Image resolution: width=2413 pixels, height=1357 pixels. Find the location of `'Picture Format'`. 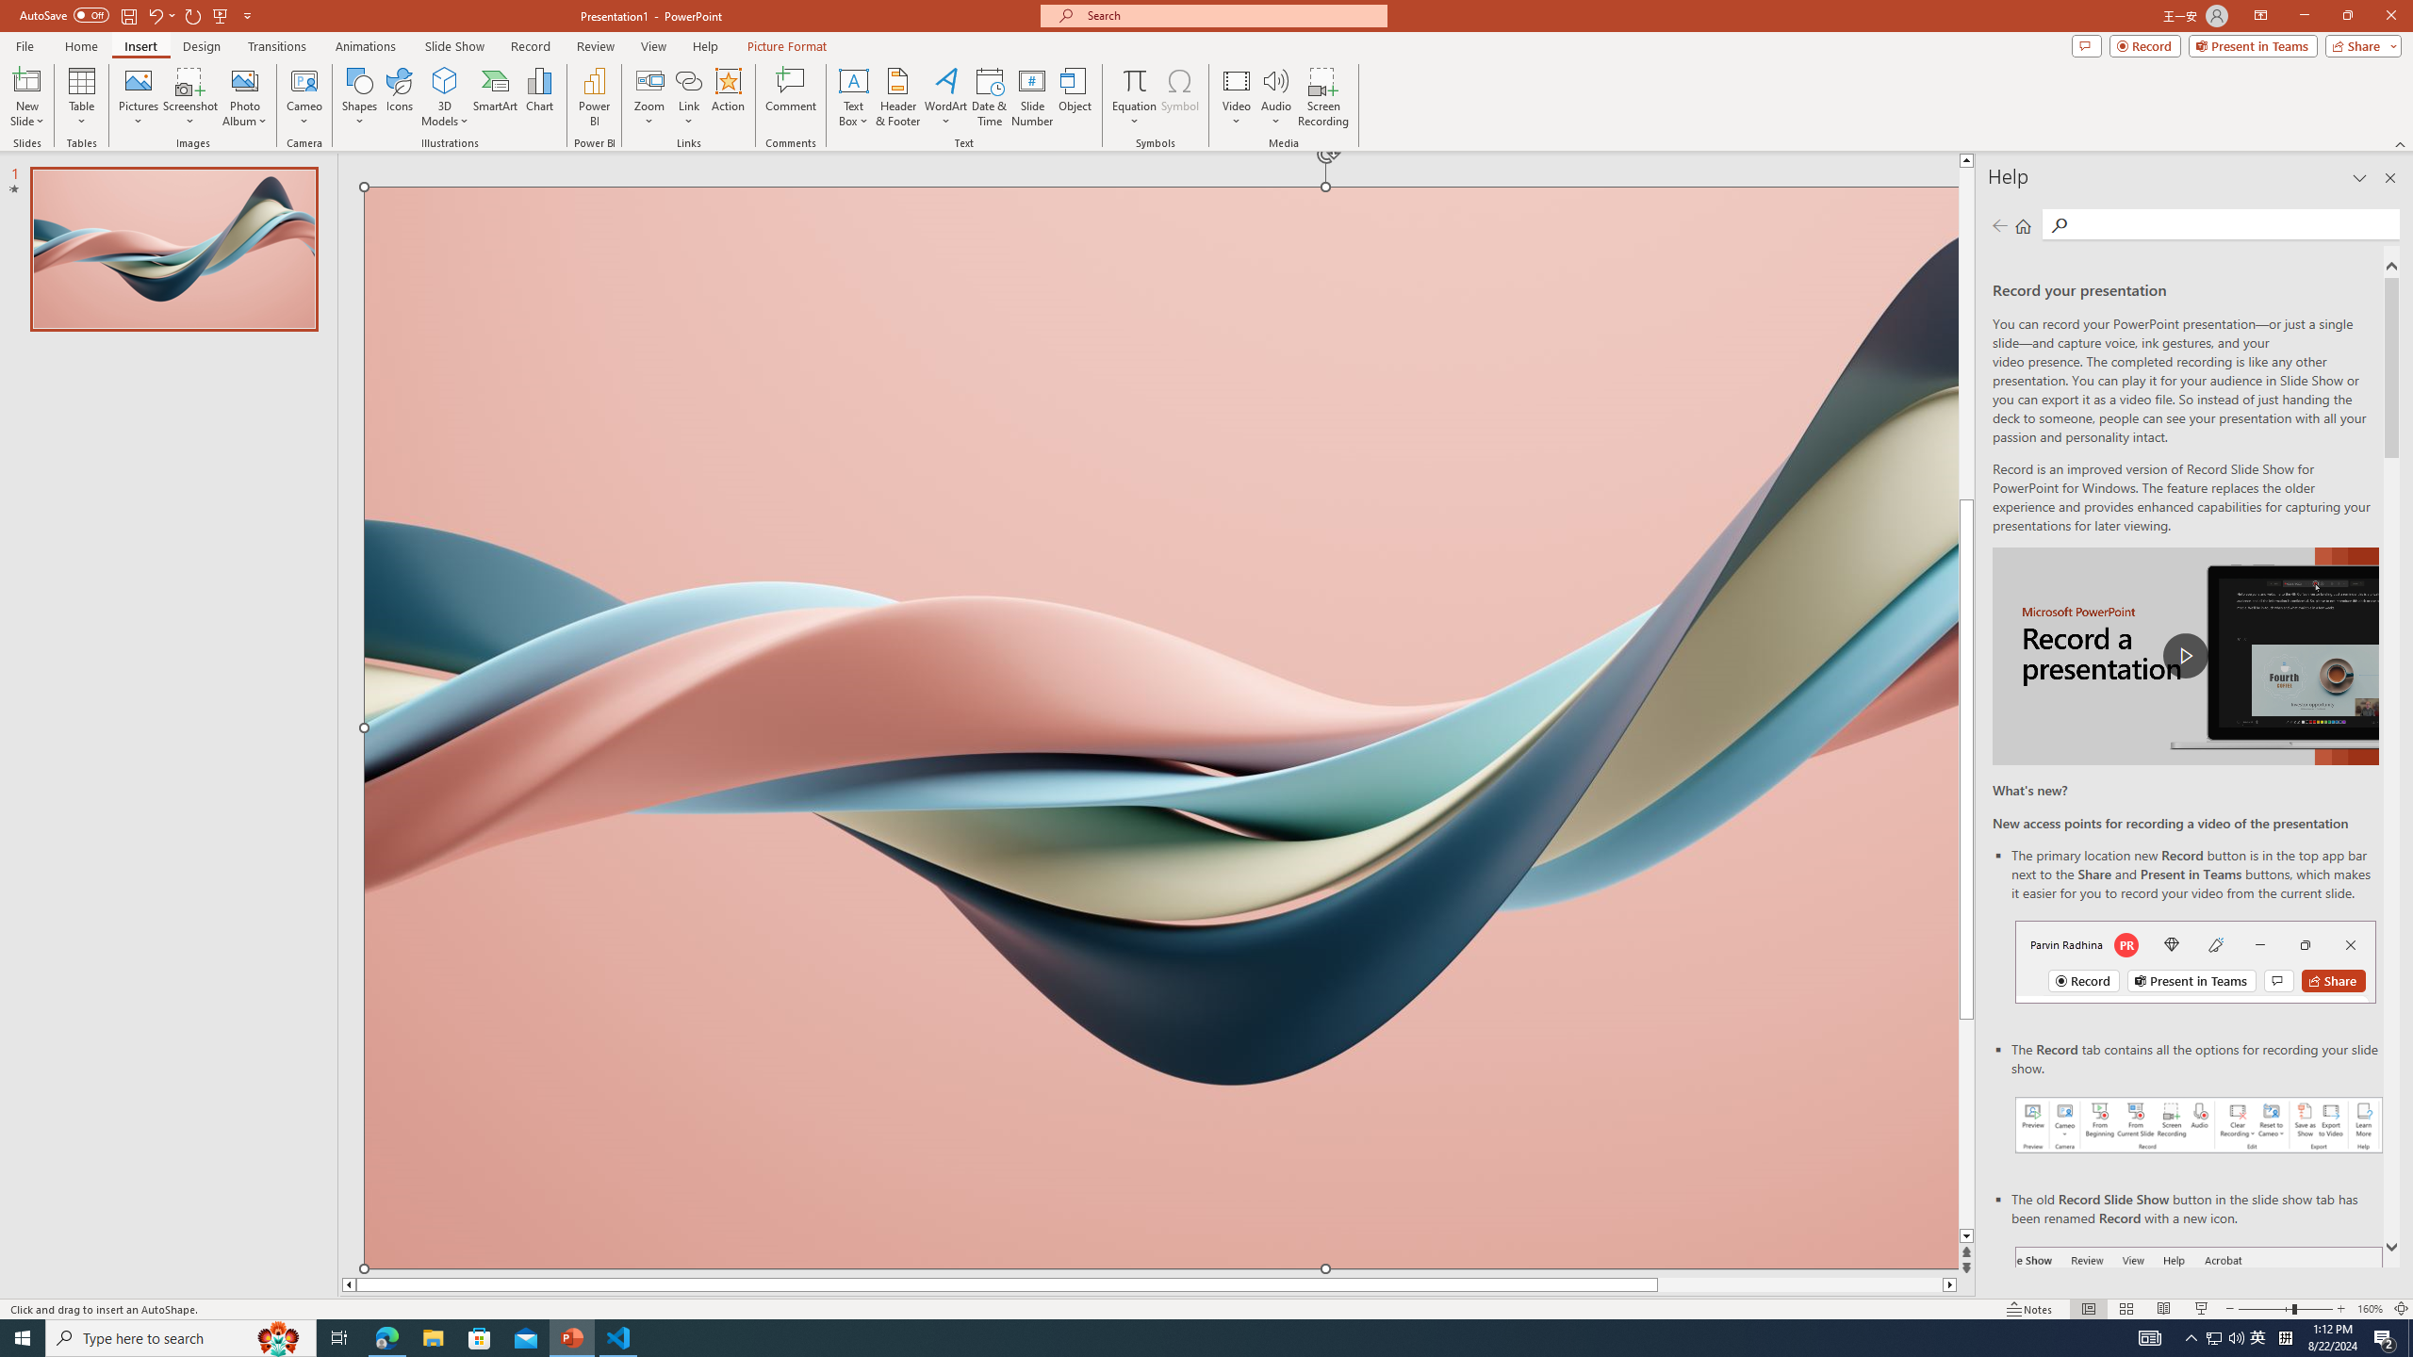

'Picture Format' is located at coordinates (787, 46).